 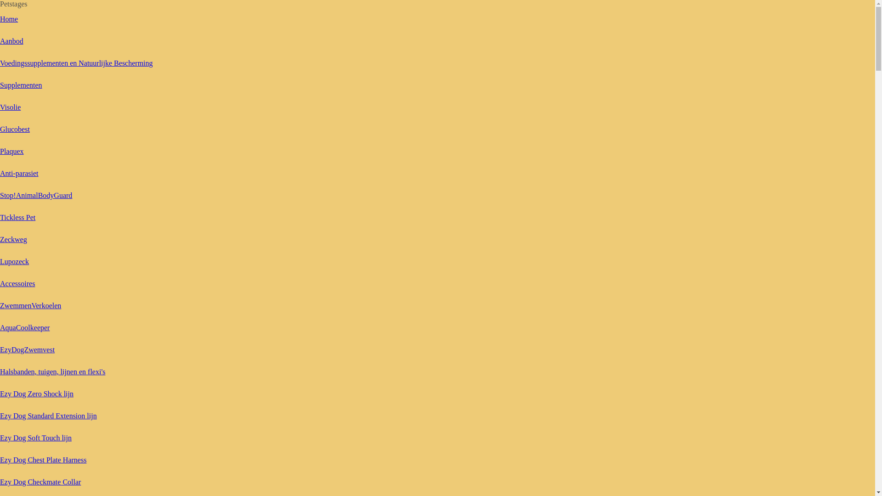 What do you see at coordinates (0, 151) in the screenshot?
I see `'Plaquex'` at bounding box center [0, 151].